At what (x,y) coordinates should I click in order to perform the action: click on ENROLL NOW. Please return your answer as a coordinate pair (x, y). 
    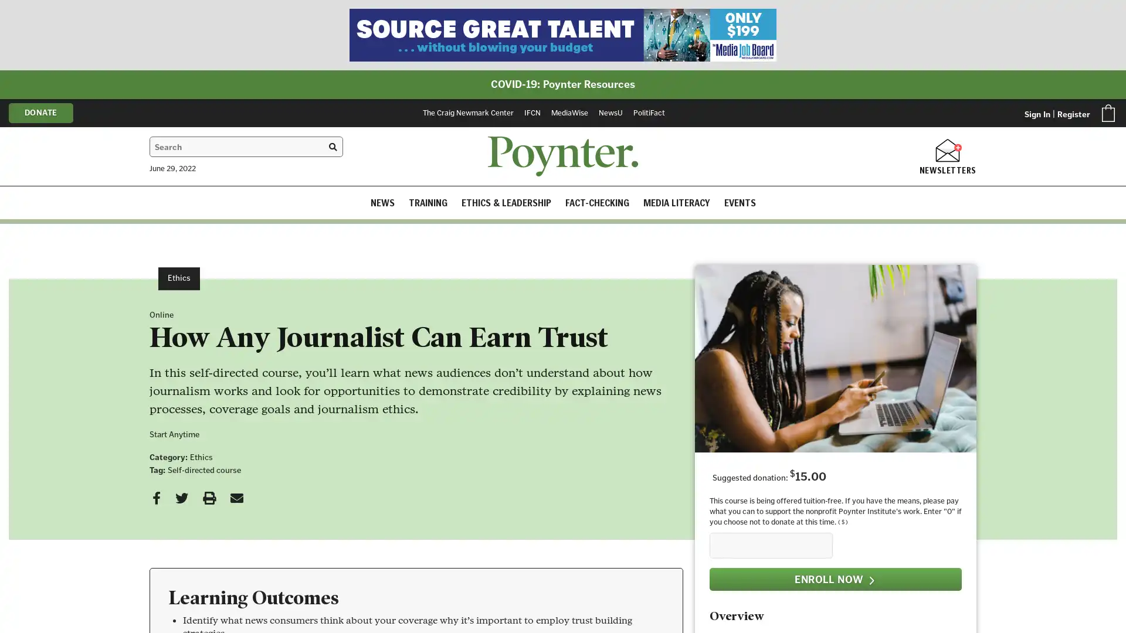
    Looking at the image, I should click on (835, 555).